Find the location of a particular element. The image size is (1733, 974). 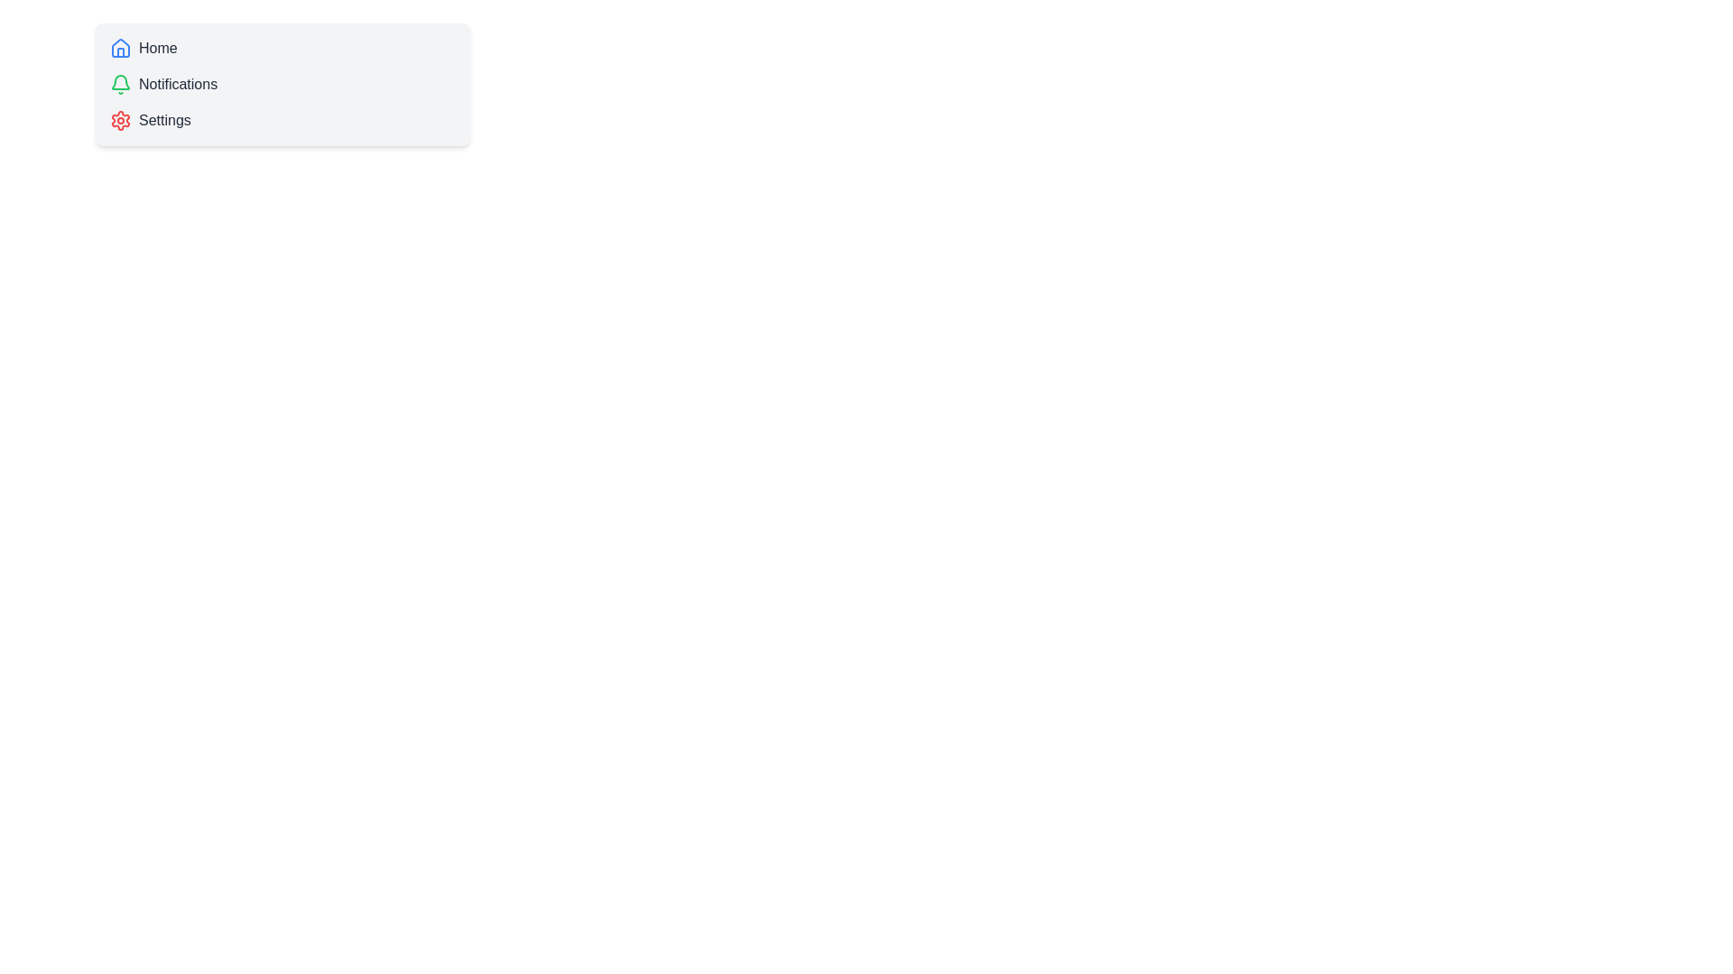

the bell-shaped icon with a green stroke and white interior located in the 'Notifications' section, directly left of the text 'Notifications' is located at coordinates (120, 84).